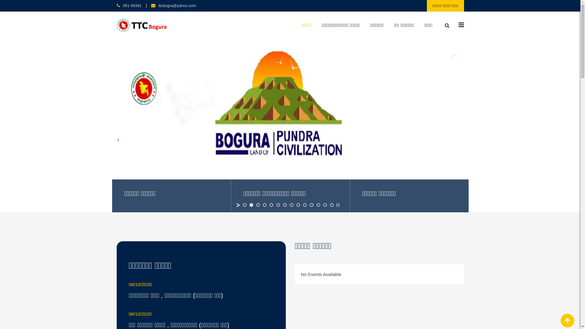 The image size is (585, 329). Describe the element at coordinates (122, 5) in the screenshot. I see `'051 66391'` at that location.